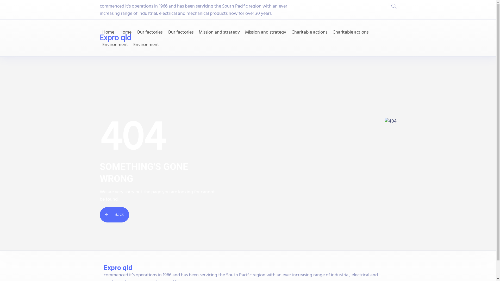 The width and height of the screenshot is (500, 281). What do you see at coordinates (149, 32) in the screenshot?
I see `'Our factories'` at bounding box center [149, 32].